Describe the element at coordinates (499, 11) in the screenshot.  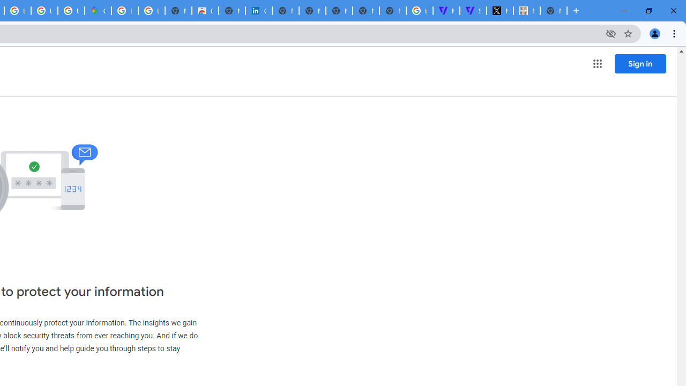
I see `'Miley Cyrus (@MileyCyrus) / X'` at that location.